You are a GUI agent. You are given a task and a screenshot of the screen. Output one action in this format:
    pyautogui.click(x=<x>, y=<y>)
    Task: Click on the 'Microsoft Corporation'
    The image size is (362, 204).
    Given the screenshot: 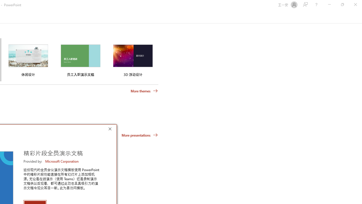 What is the action you would take?
    pyautogui.click(x=62, y=161)
    